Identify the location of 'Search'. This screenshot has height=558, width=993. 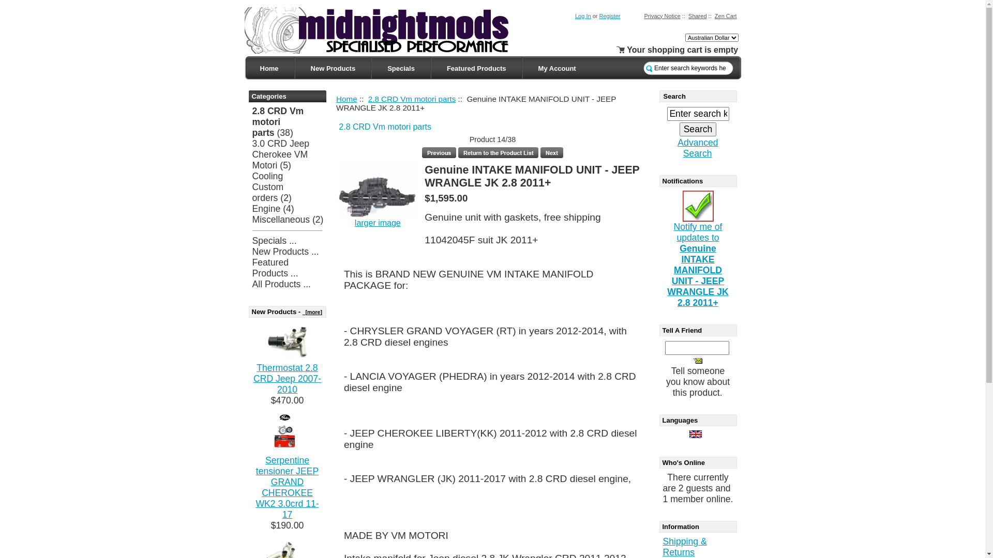
(698, 129).